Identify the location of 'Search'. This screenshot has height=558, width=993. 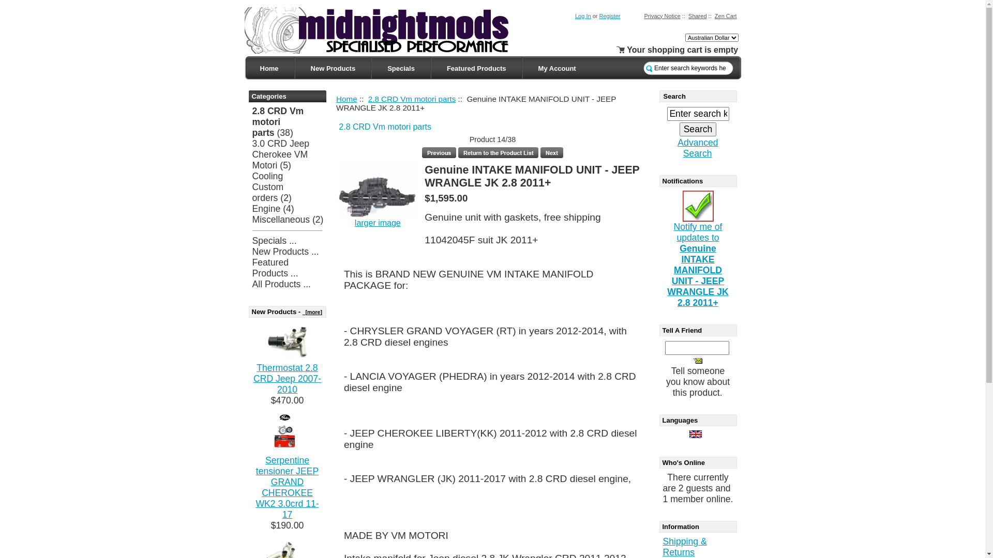
(698, 129).